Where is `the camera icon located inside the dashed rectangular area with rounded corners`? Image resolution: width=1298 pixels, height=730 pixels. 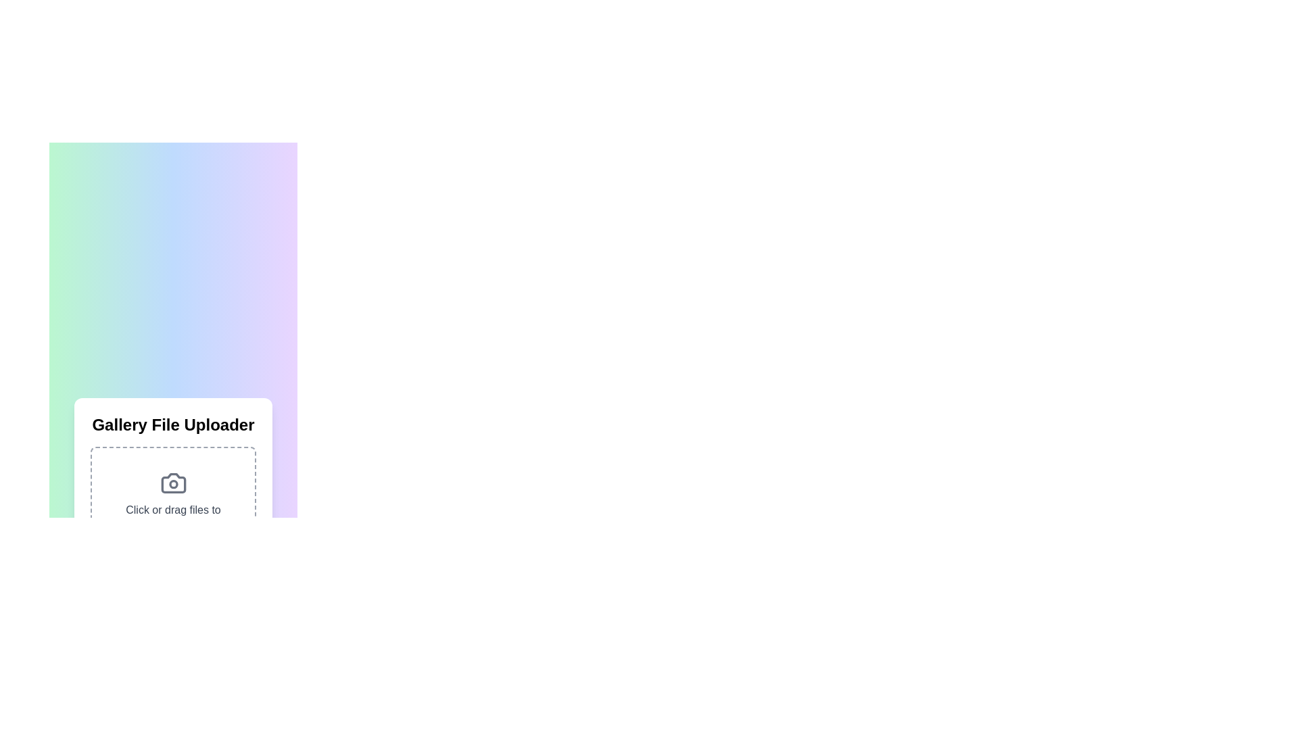 the camera icon located inside the dashed rectangular area with rounded corners is located at coordinates (172, 482).